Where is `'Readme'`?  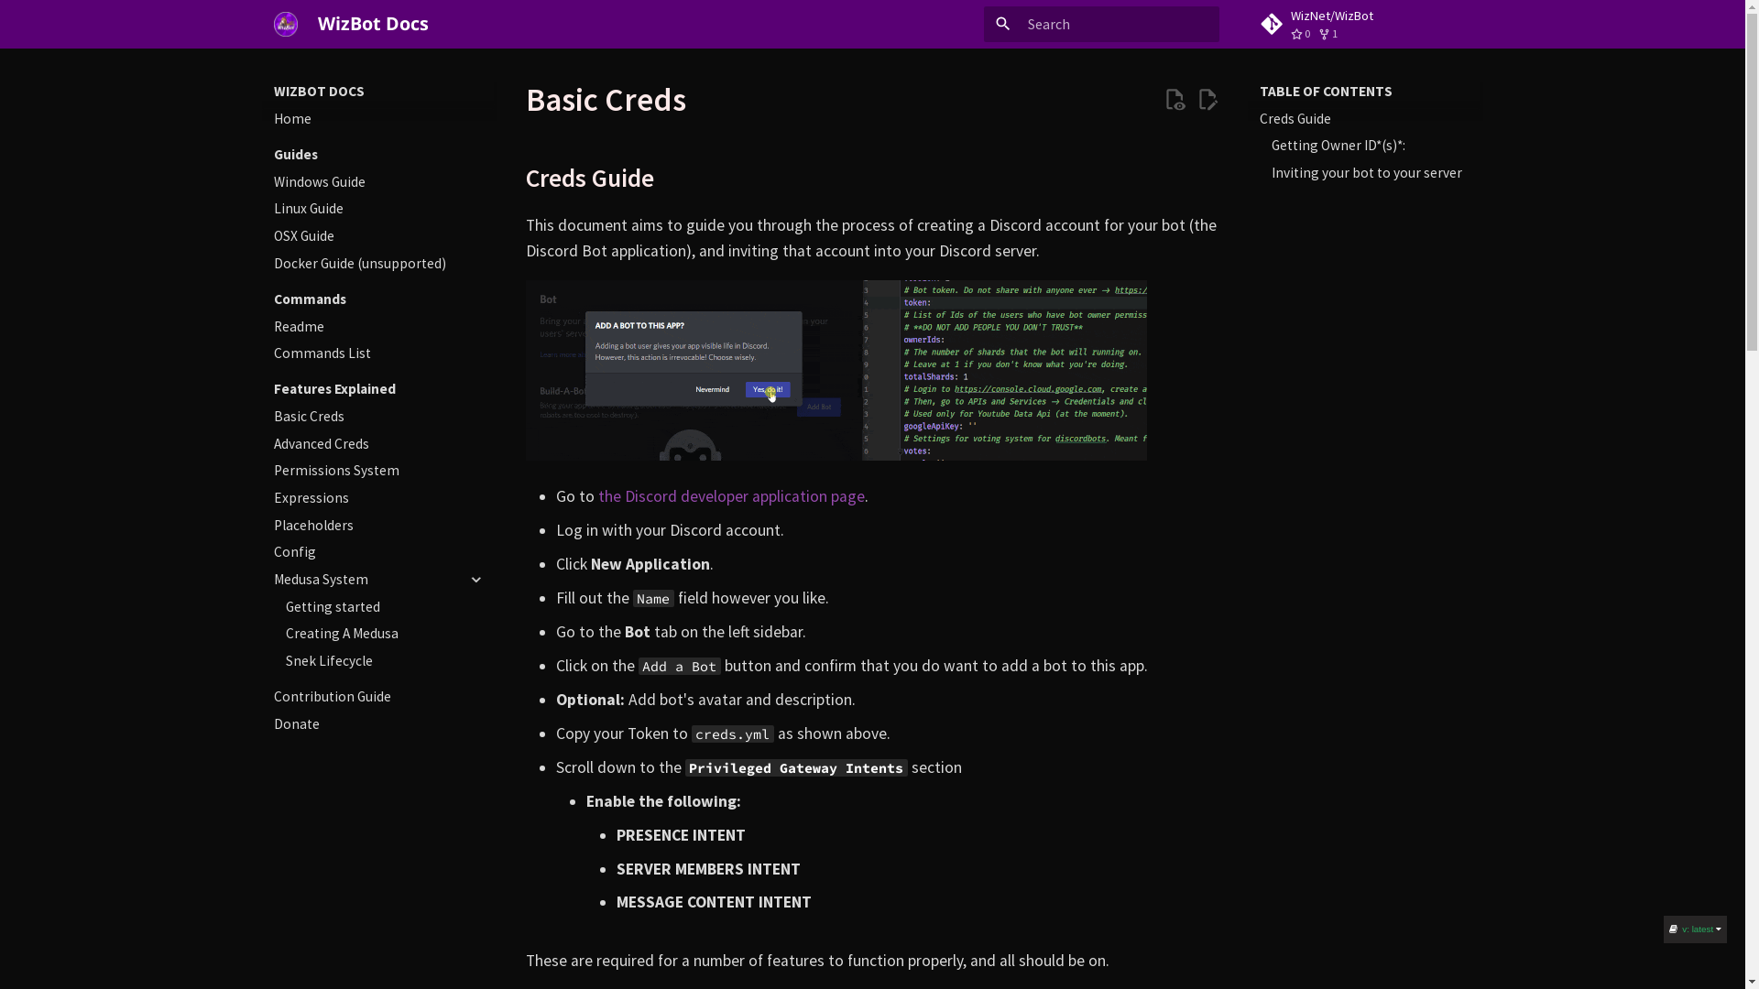
'Readme' is located at coordinates (272, 326).